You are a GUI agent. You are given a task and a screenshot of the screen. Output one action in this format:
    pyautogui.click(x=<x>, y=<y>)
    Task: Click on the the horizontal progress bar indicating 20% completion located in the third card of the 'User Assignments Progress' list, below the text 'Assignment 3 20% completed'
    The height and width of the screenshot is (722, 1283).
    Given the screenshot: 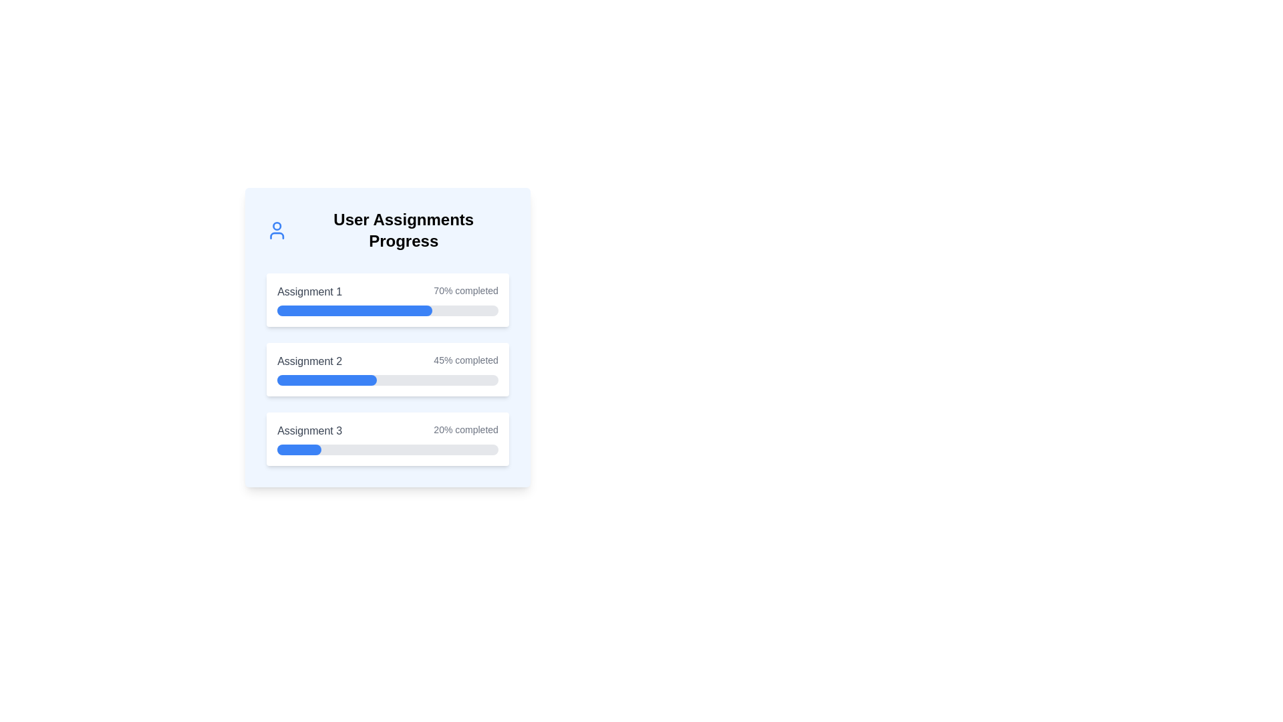 What is the action you would take?
    pyautogui.click(x=387, y=449)
    